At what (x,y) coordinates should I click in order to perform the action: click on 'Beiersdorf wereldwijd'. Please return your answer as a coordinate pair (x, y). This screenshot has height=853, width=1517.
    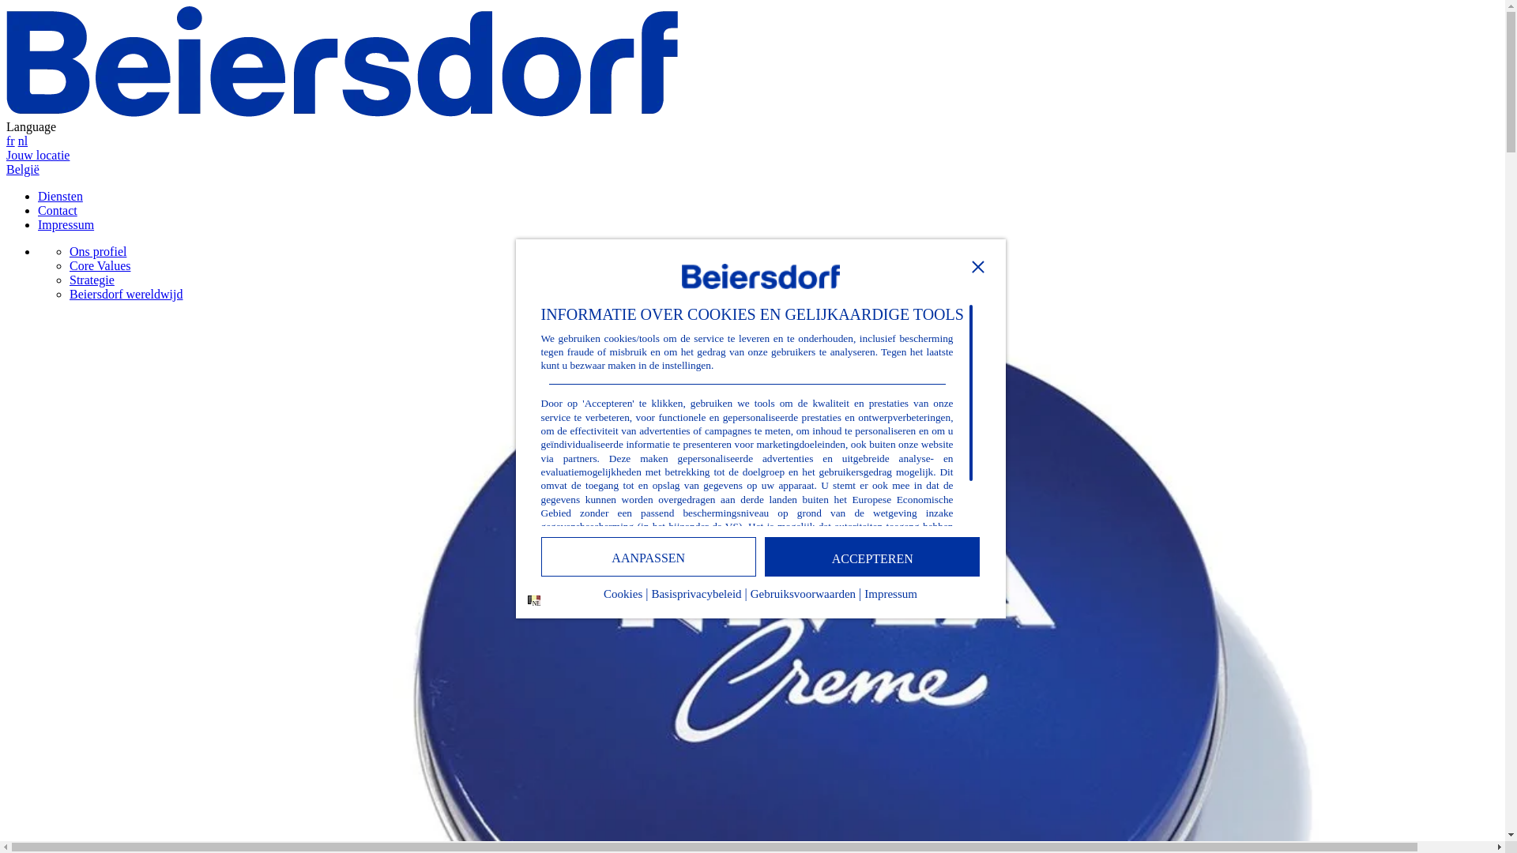
    Looking at the image, I should click on (125, 294).